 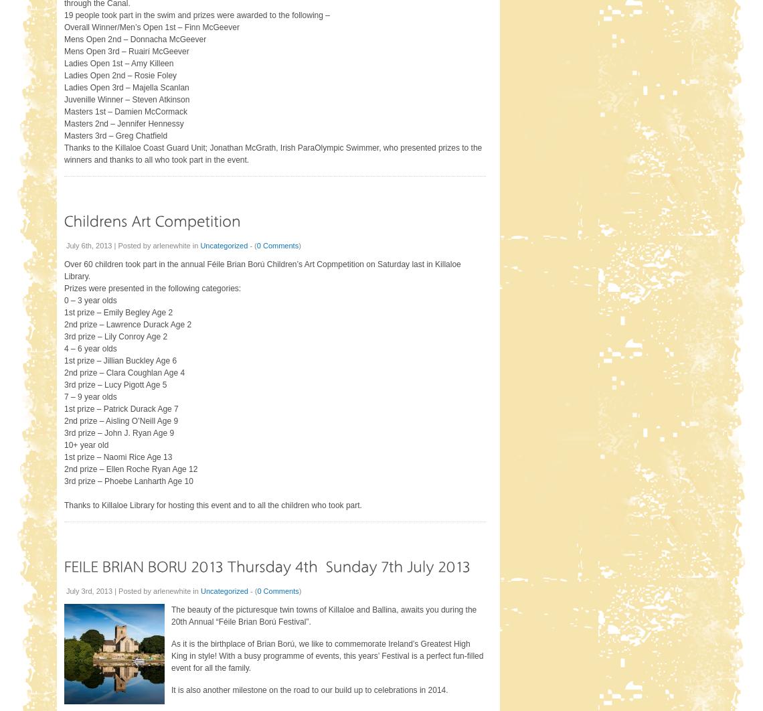 What do you see at coordinates (128, 481) in the screenshot?
I see `'3rd prize – Phoebe Lanharth Age 10'` at bounding box center [128, 481].